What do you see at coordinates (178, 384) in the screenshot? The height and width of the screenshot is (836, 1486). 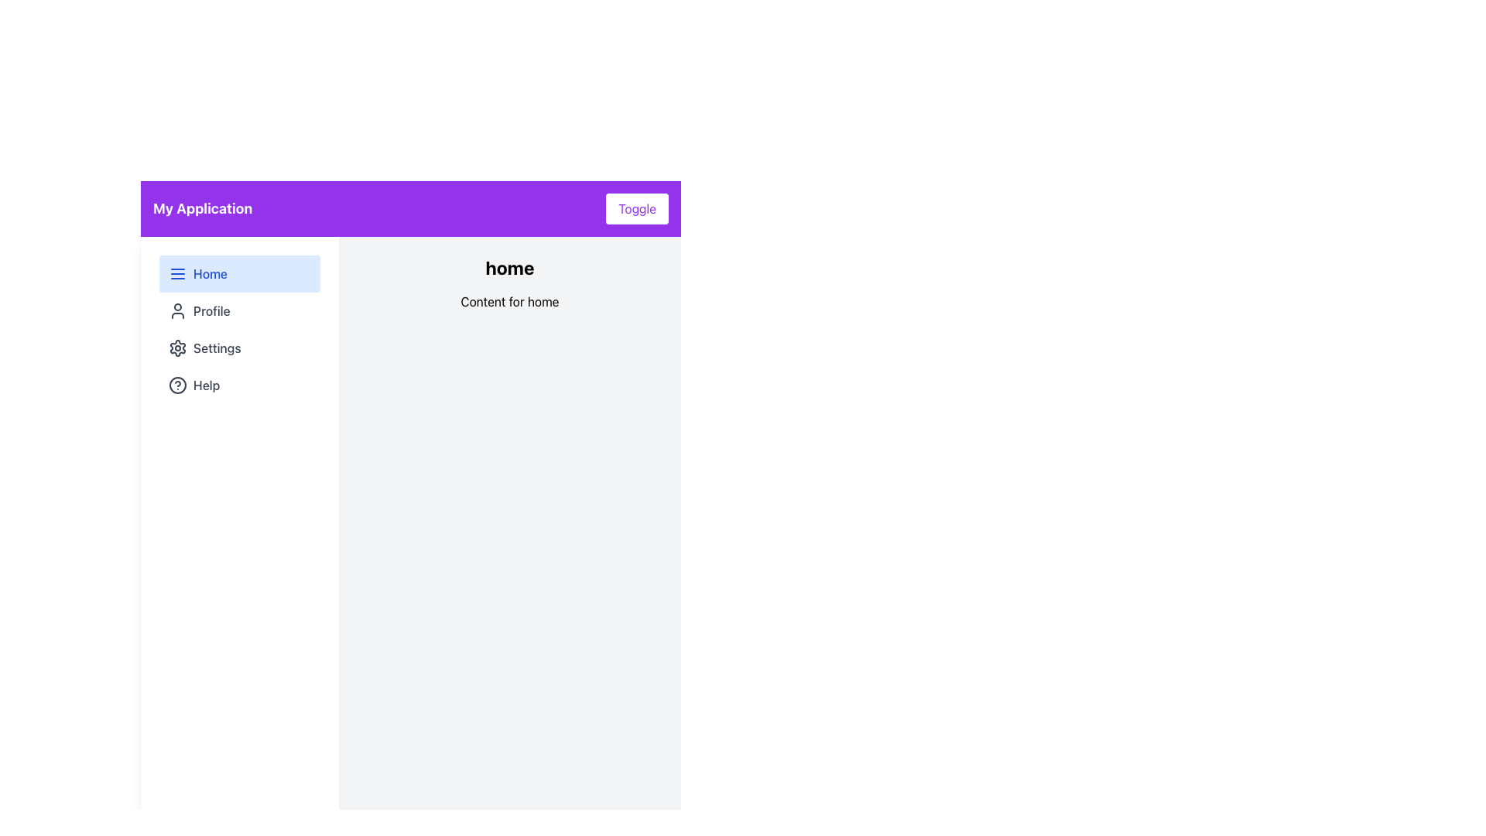 I see `the outermost circular boundary of the 'Help' menu icon located in the left sidebar` at bounding box center [178, 384].